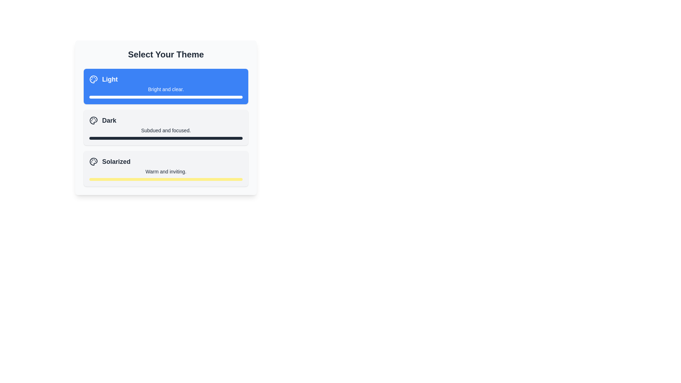  Describe the element at coordinates (165, 138) in the screenshot. I see `the progress bar or decorative separator located at the bottom of the 'Dark' theme selection card, which is directly below the descriptive text 'Subdued and focused.'` at that location.